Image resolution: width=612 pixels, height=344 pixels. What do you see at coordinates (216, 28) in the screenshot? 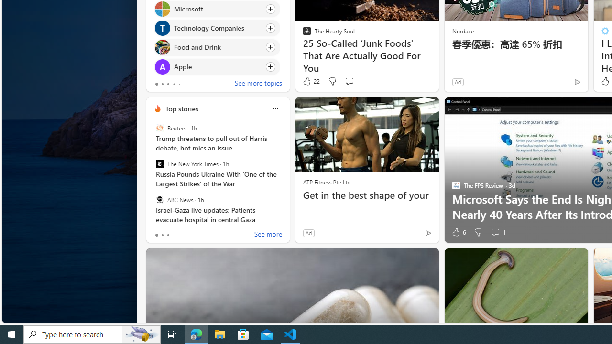
I see `'Click to follow topic Technology Companies'` at bounding box center [216, 28].